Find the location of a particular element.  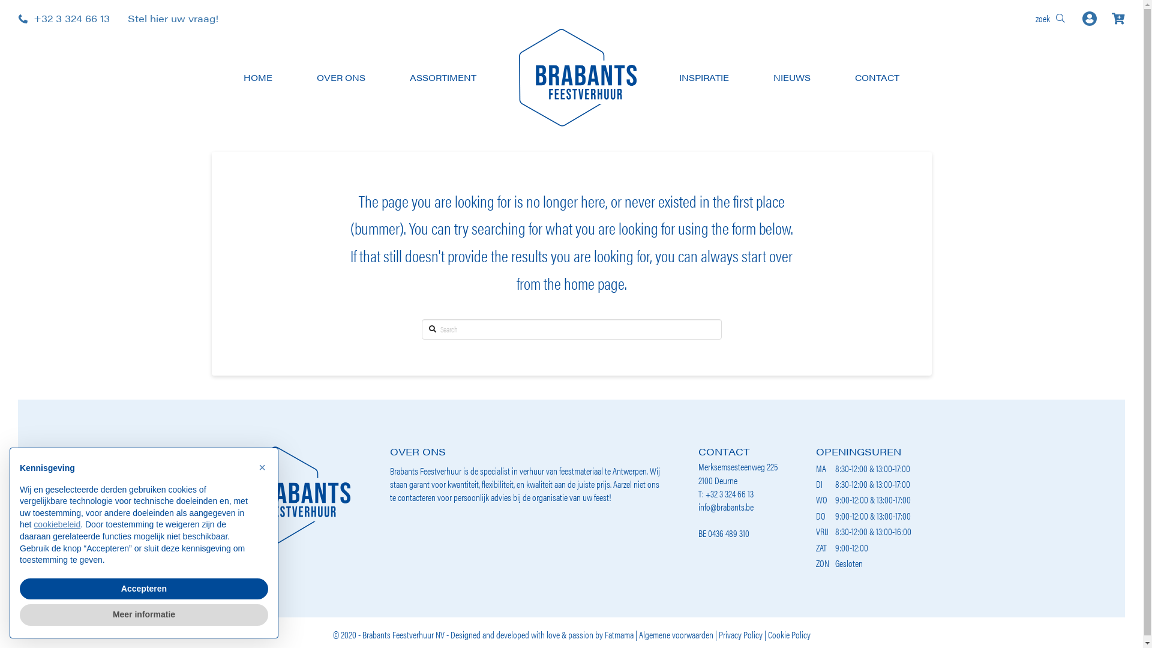

'OVER ONS' is located at coordinates (340, 77).